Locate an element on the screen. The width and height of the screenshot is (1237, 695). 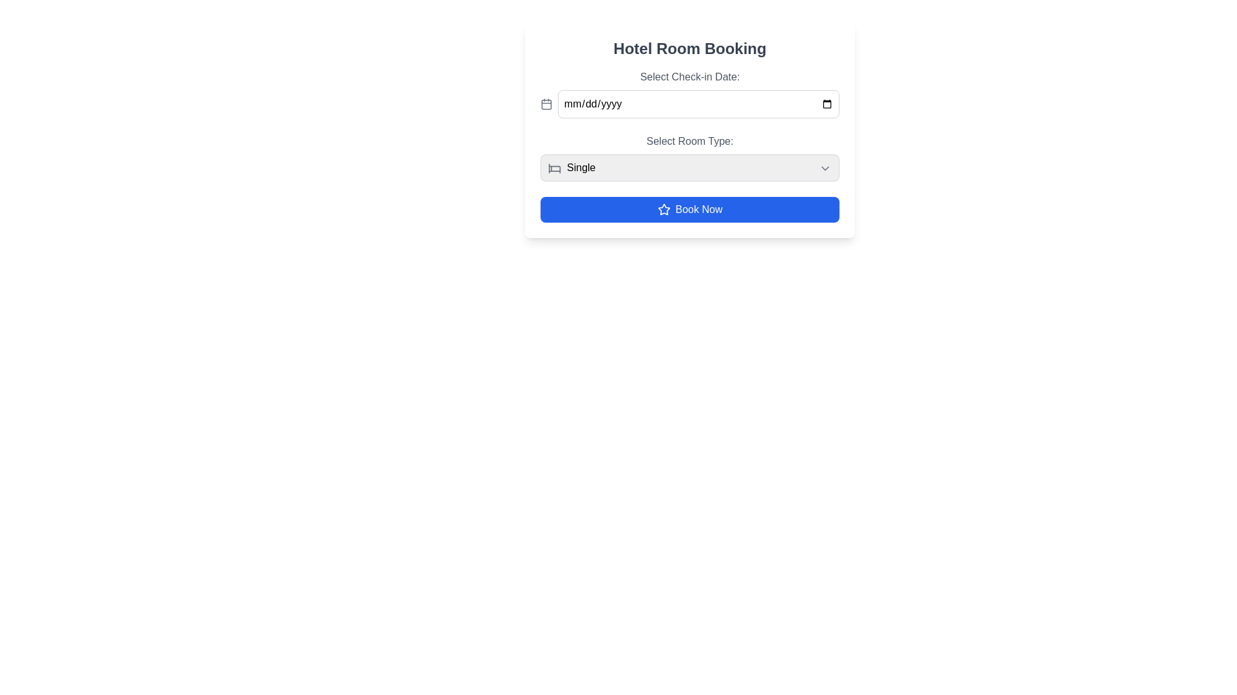
the leftmost room type icon representing a room or bed, which precedes the label 'Single' in the selection menu is located at coordinates (554, 168).